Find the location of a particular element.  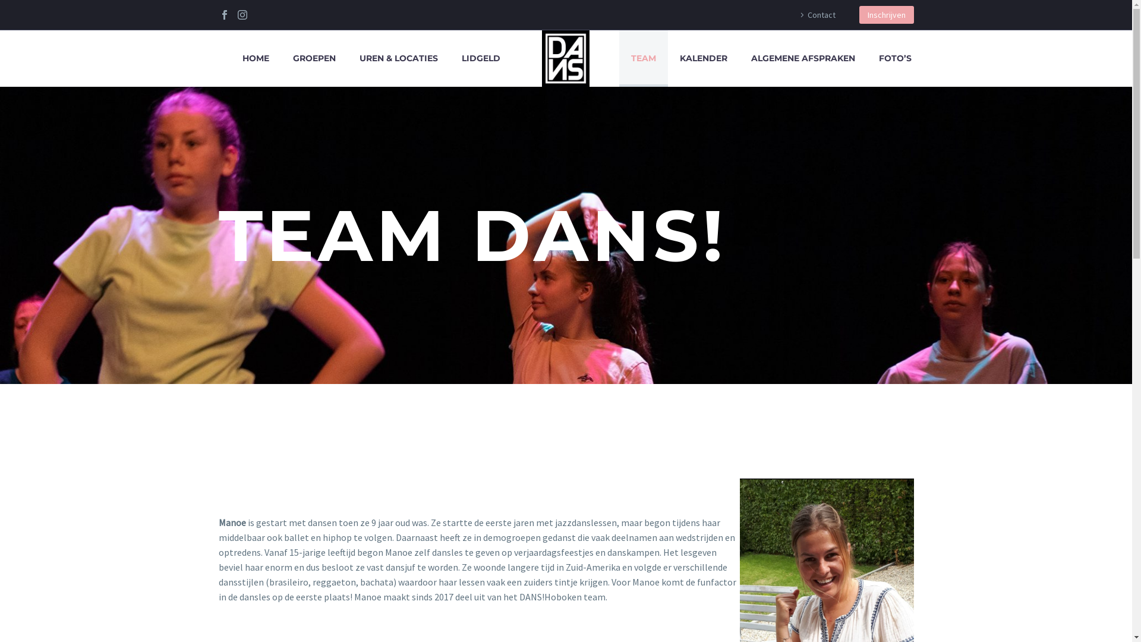

'KALENDER' is located at coordinates (667, 58).